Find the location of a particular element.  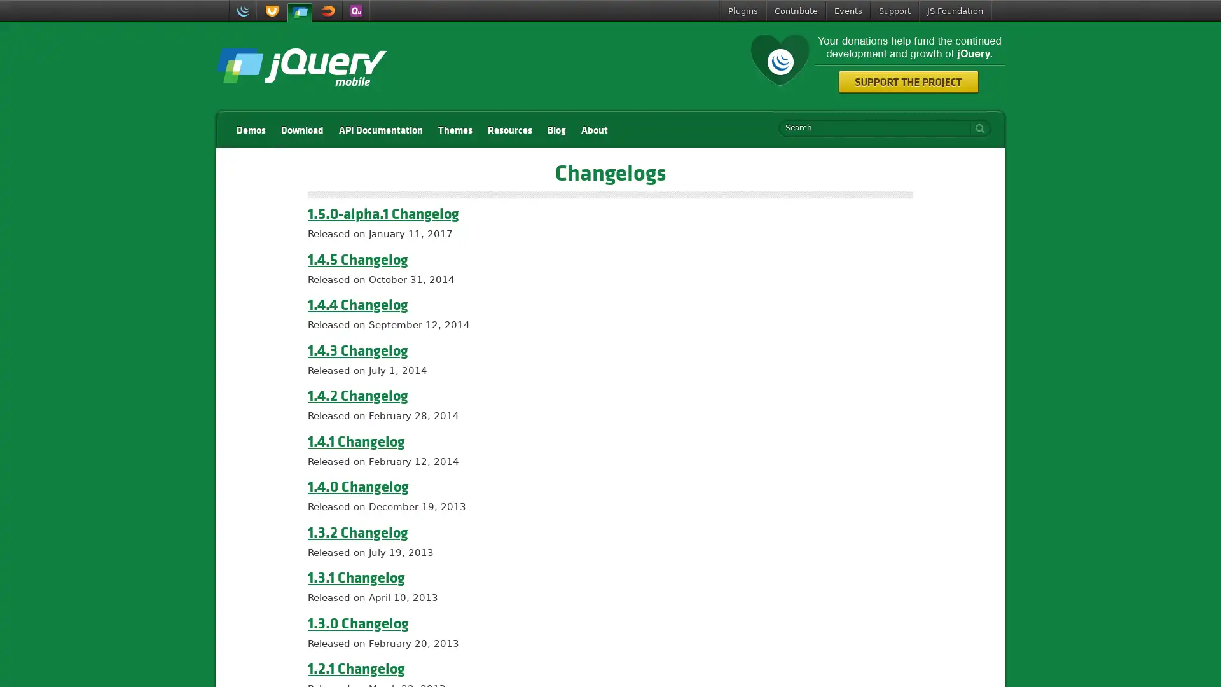

search is located at coordinates (976, 128).